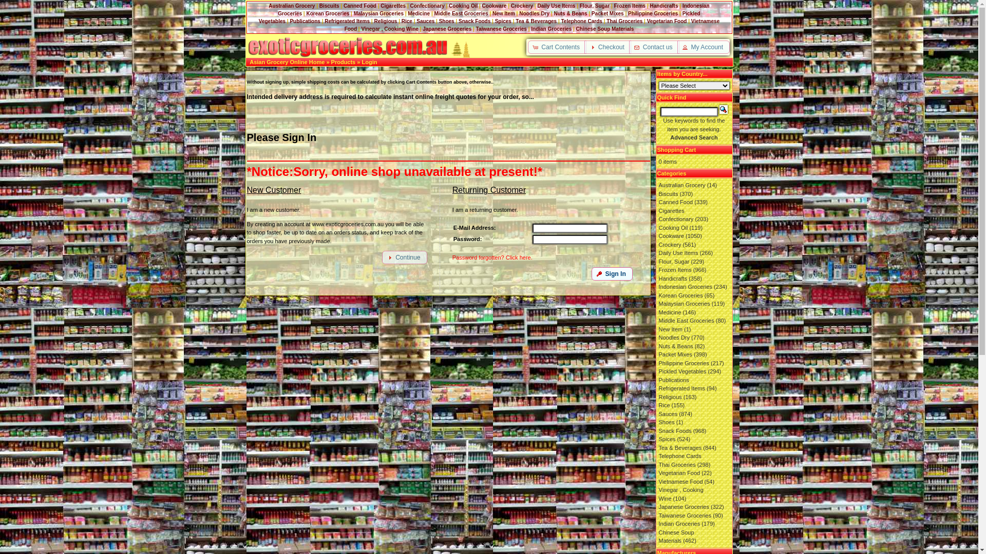 This screenshot has height=554, width=986. I want to click on 'Confectionary', so click(675, 219).